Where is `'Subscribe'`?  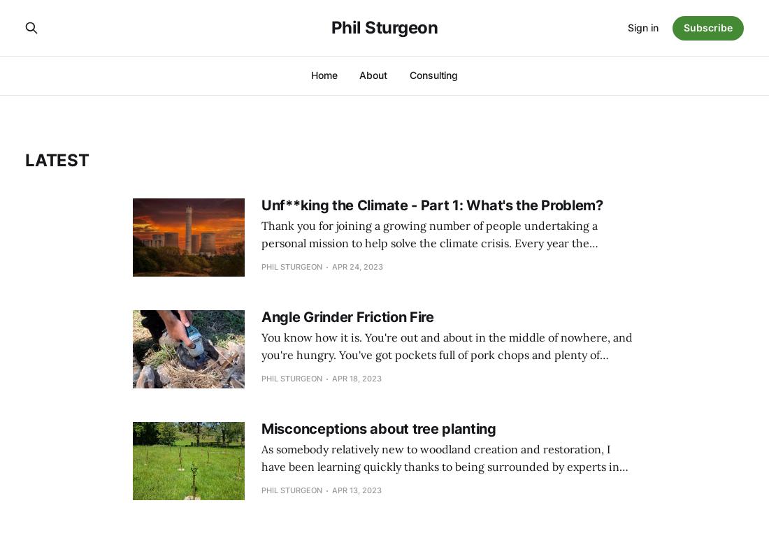 'Subscribe' is located at coordinates (707, 27).